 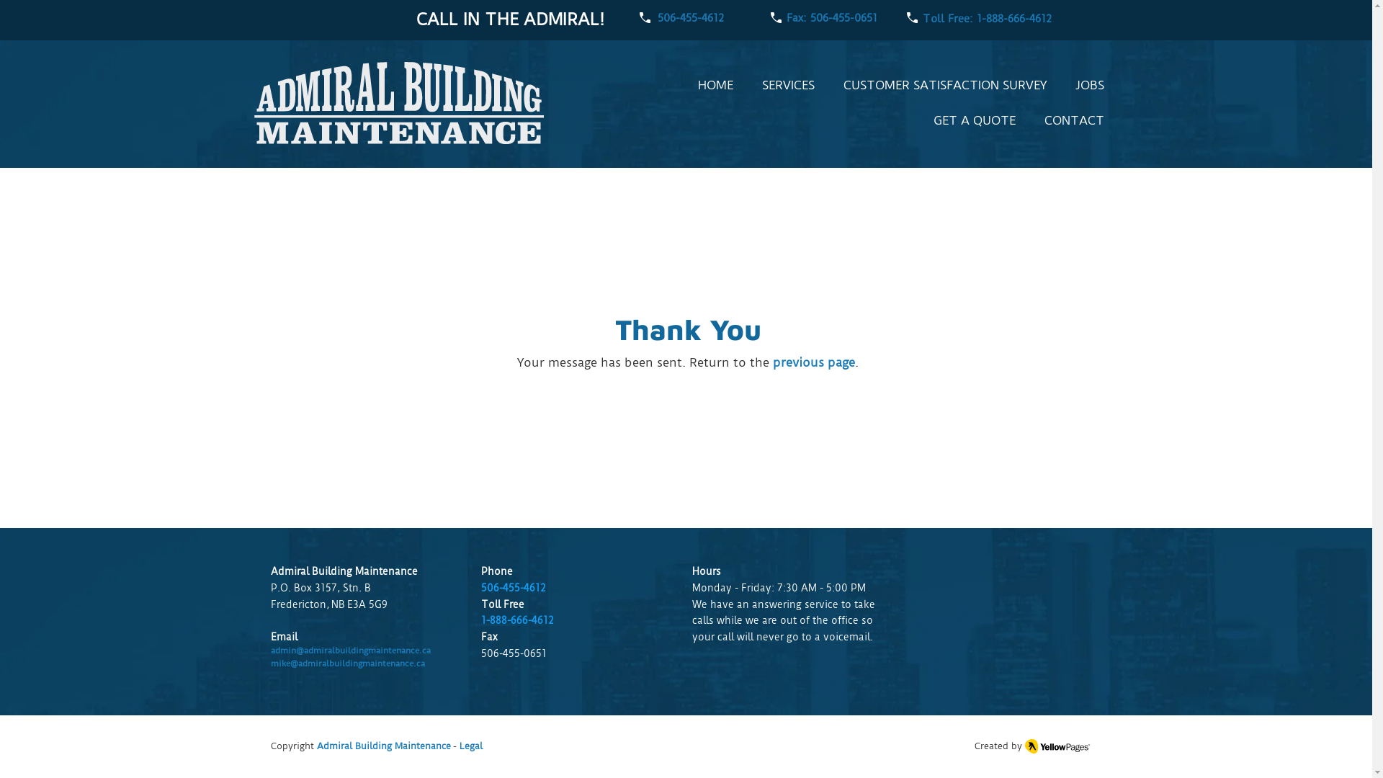 I want to click on '506-455-4612', so click(x=514, y=588).